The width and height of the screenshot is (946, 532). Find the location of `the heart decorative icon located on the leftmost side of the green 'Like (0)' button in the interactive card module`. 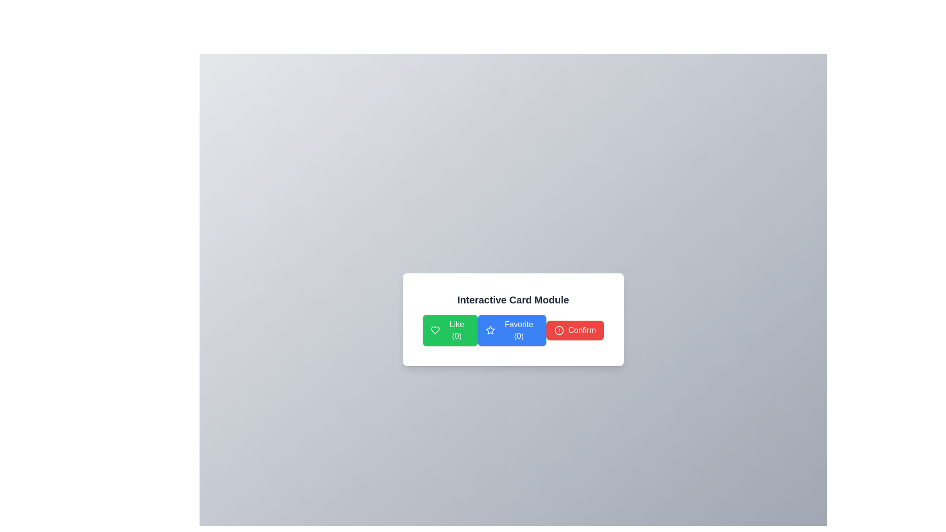

the heart decorative icon located on the leftmost side of the green 'Like (0)' button in the interactive card module is located at coordinates (435, 331).